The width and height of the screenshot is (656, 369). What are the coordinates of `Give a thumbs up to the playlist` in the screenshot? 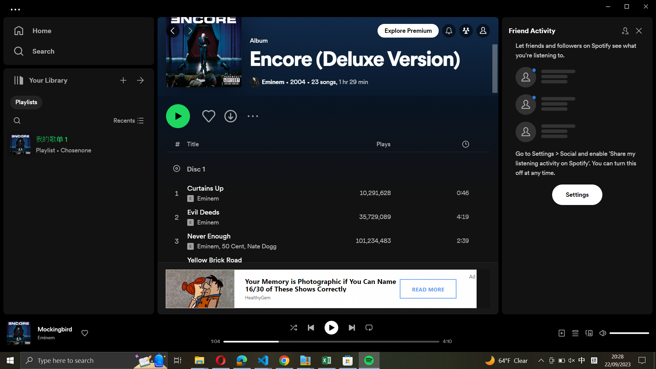 It's located at (208, 115).